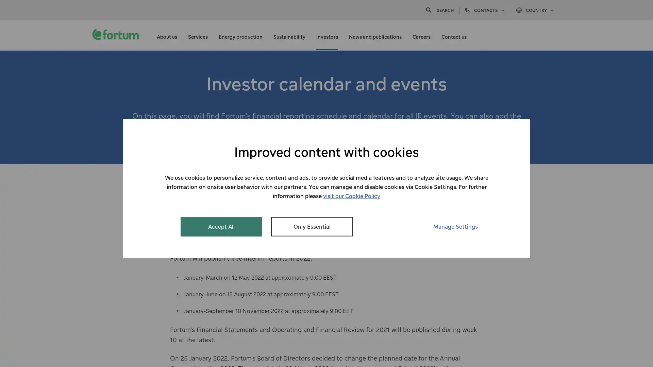 This screenshot has height=367, width=653. Describe the element at coordinates (327, 35) in the screenshot. I see `Investors` at that location.